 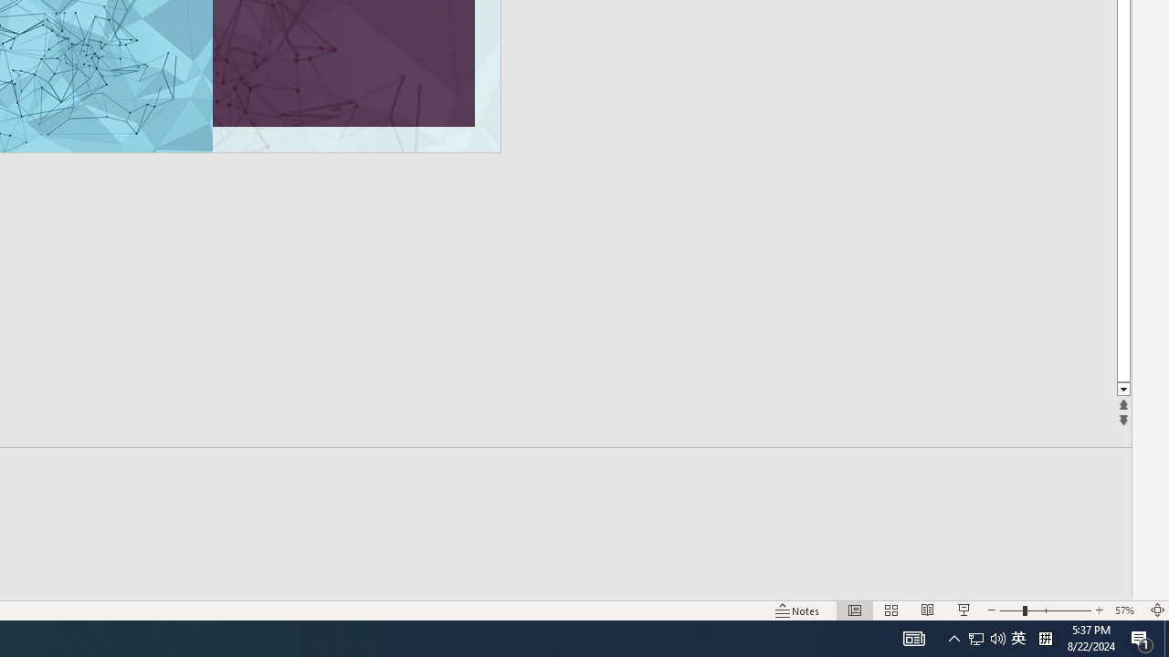 I want to click on 'Normal', so click(x=854, y=610).